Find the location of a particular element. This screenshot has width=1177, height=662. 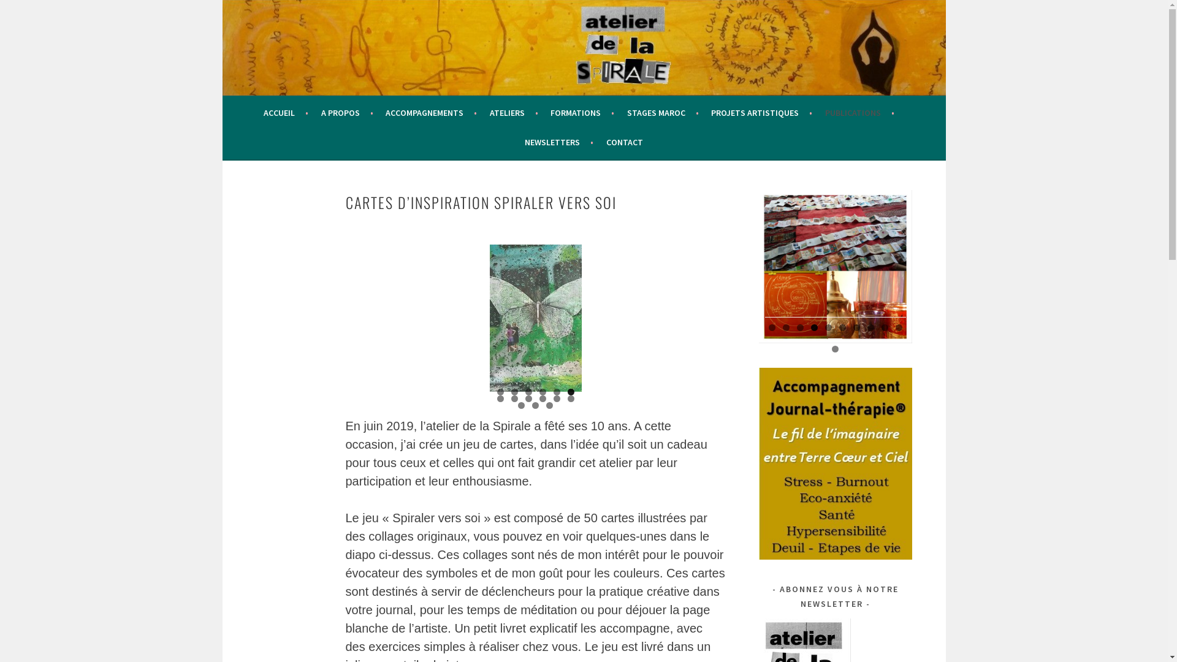

'page04' is located at coordinates (835, 266).